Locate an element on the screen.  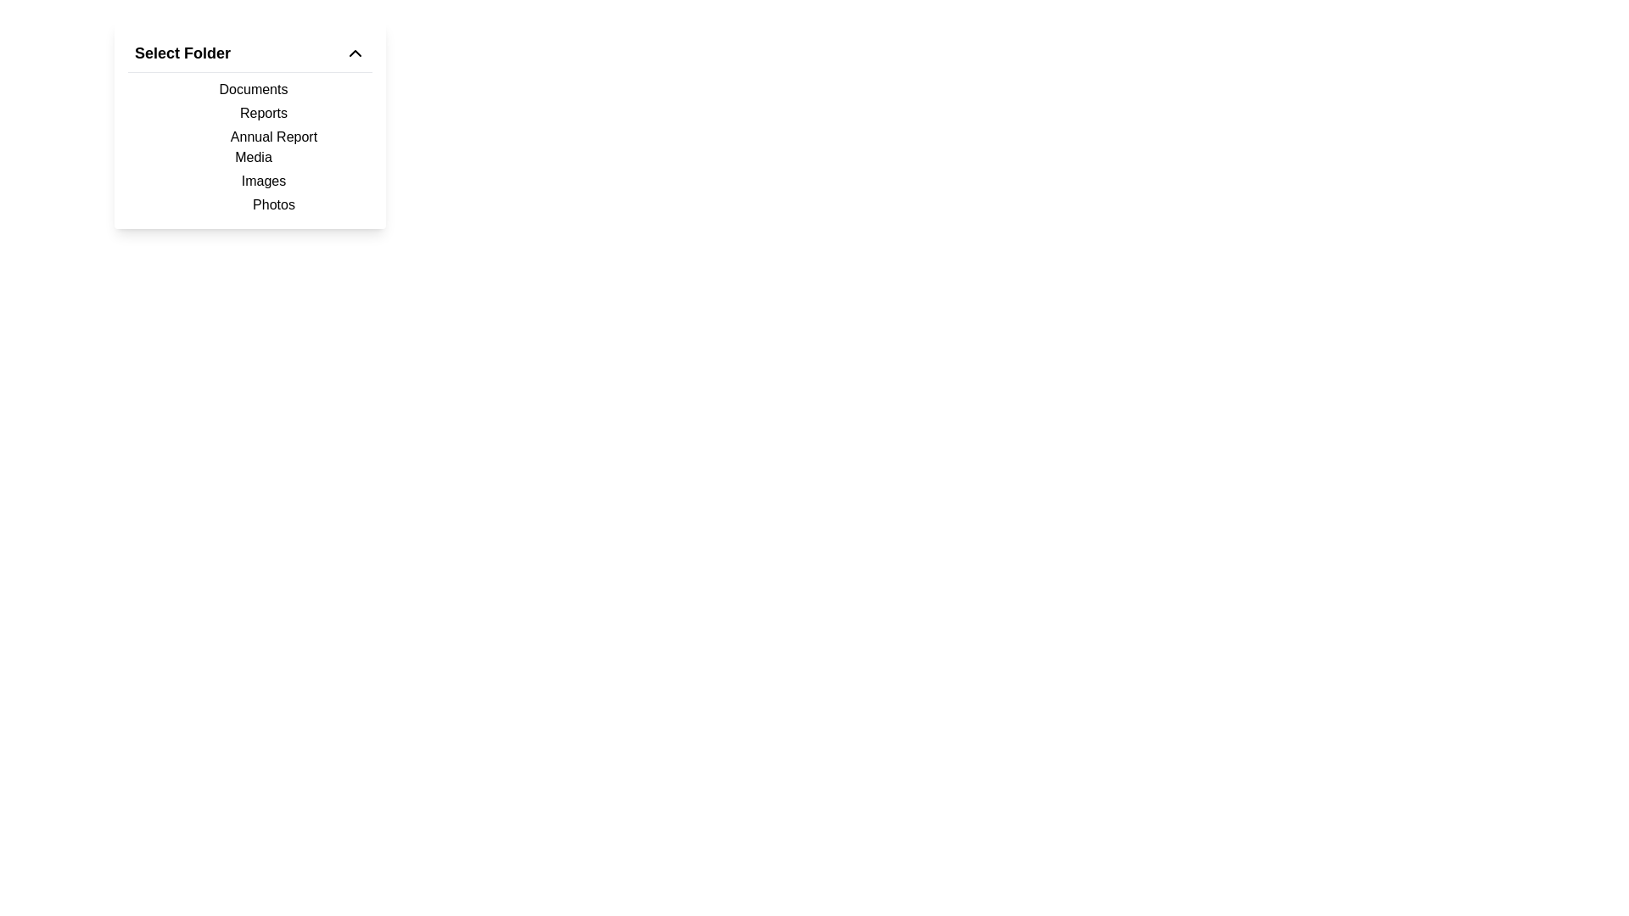
the 'Annual Report' option in the dropdown menu, which is the third item in a vertical list of options is located at coordinates (269, 137).